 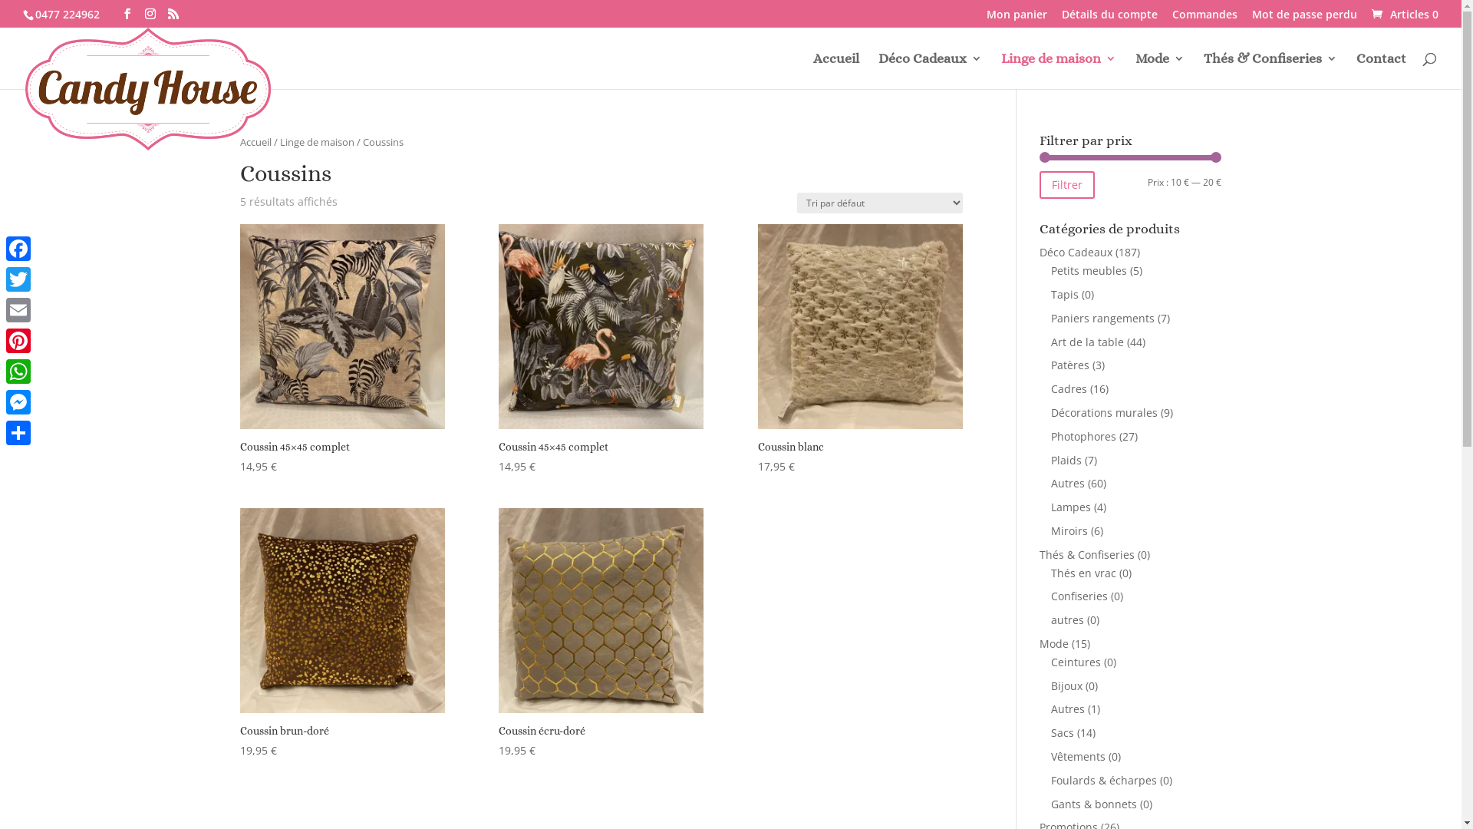 What do you see at coordinates (1102, 317) in the screenshot?
I see `'Paniers rangements'` at bounding box center [1102, 317].